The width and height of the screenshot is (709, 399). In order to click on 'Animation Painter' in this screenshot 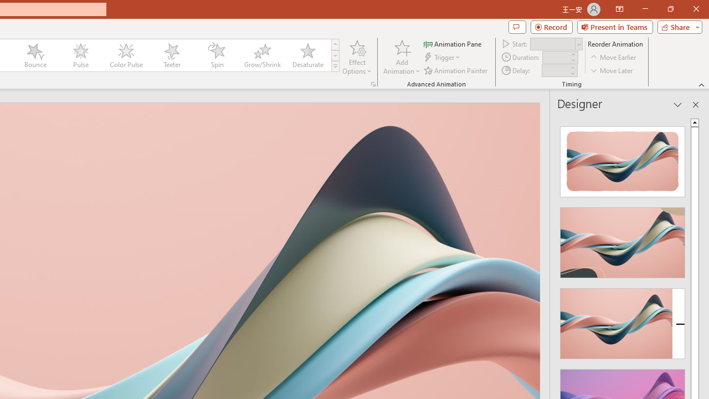, I will do `click(456, 70)`.